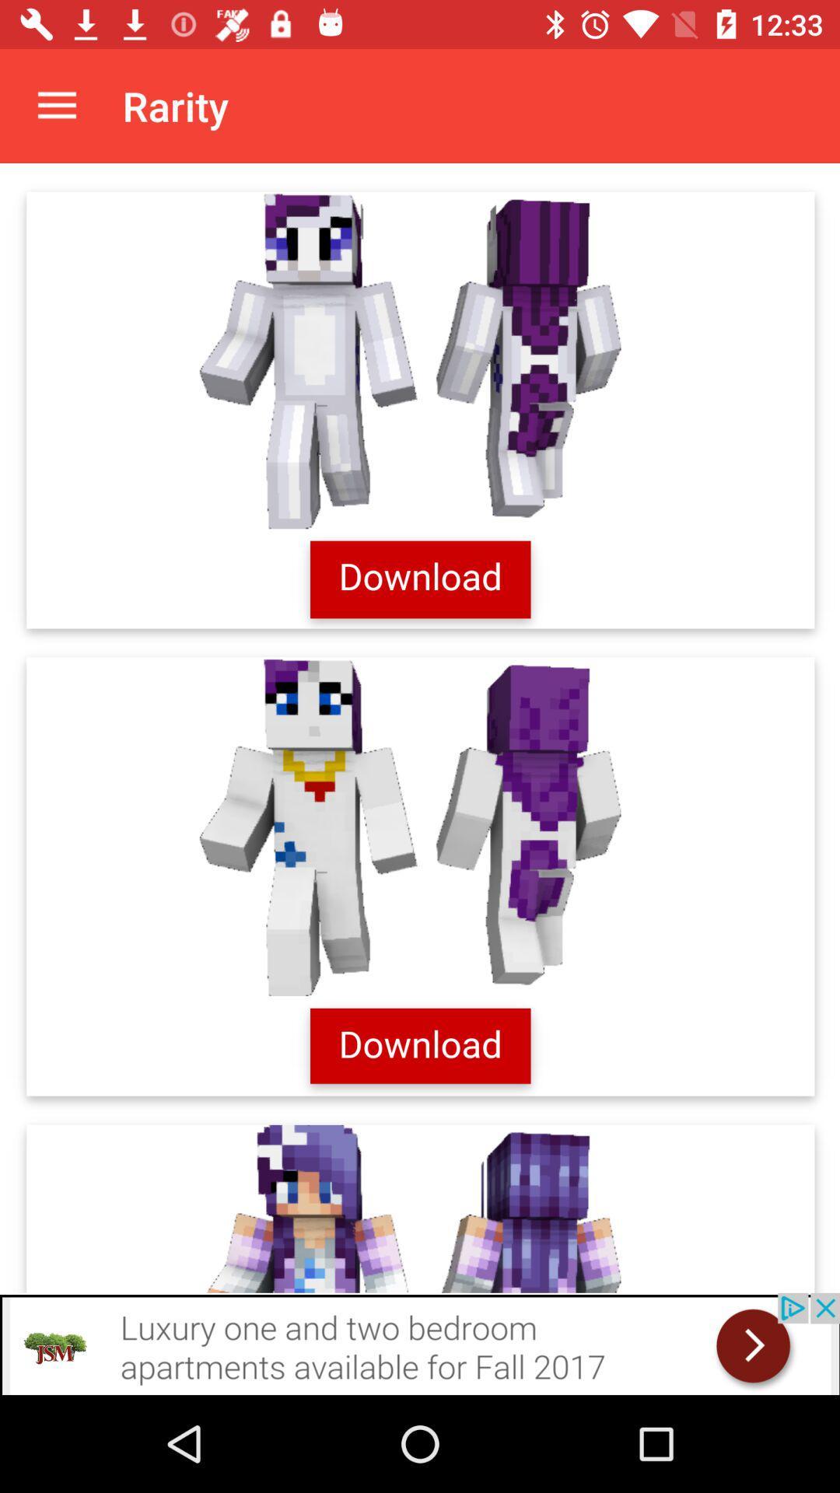  What do you see at coordinates (420, 1343) in the screenshot?
I see `advertisement` at bounding box center [420, 1343].